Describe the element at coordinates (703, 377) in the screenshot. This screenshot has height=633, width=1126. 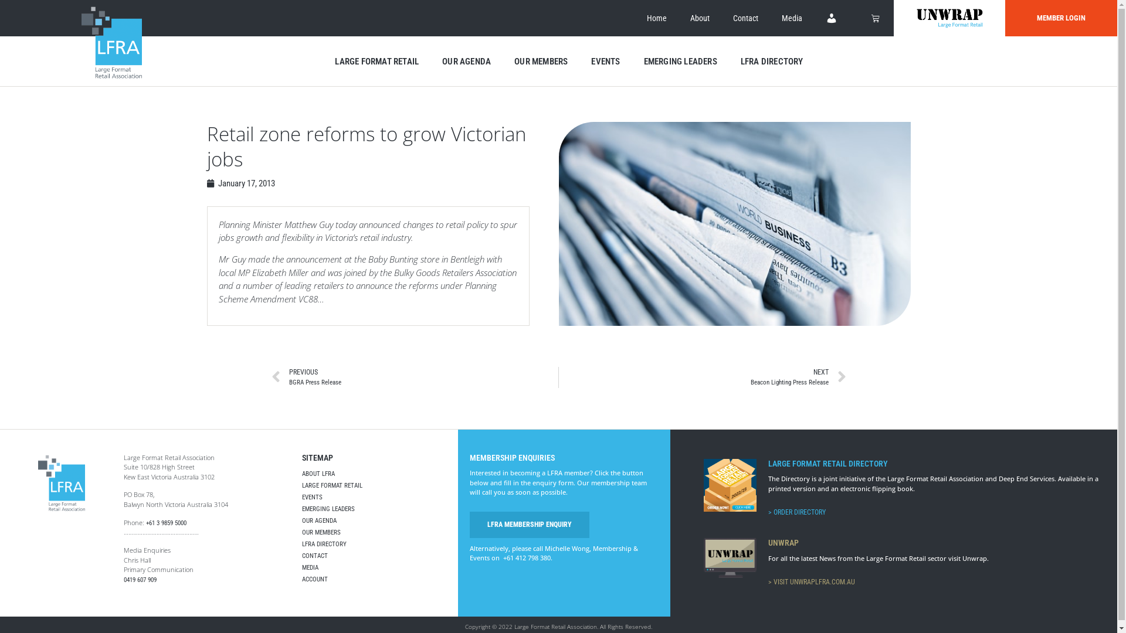
I see `'NEXT` at that location.